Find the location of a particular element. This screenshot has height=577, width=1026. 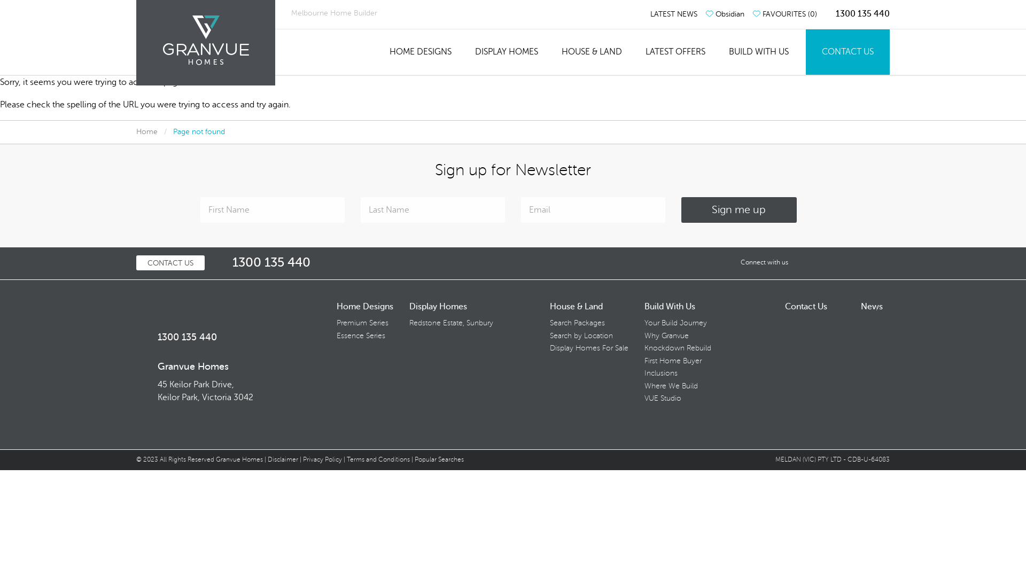

'1300 135 440' is located at coordinates (262, 262).